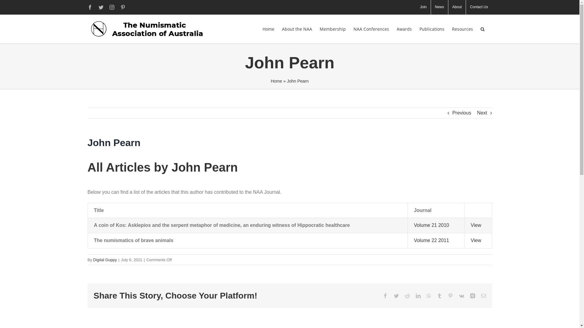  Describe the element at coordinates (268, 29) in the screenshot. I see `'Home'` at that location.